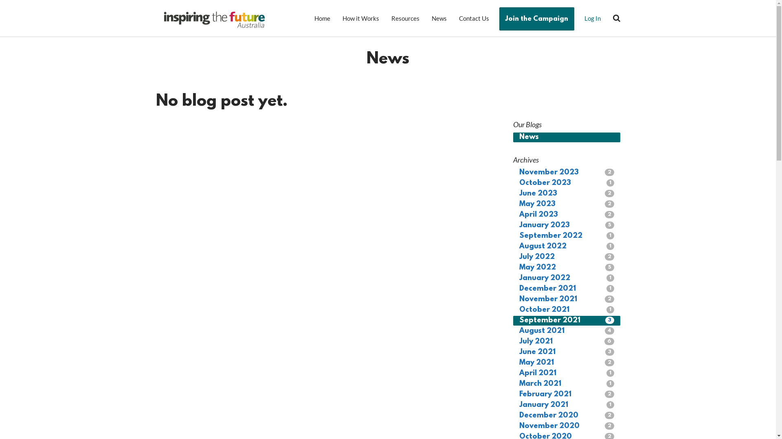  I want to click on 'October 2023, so click(566, 183).